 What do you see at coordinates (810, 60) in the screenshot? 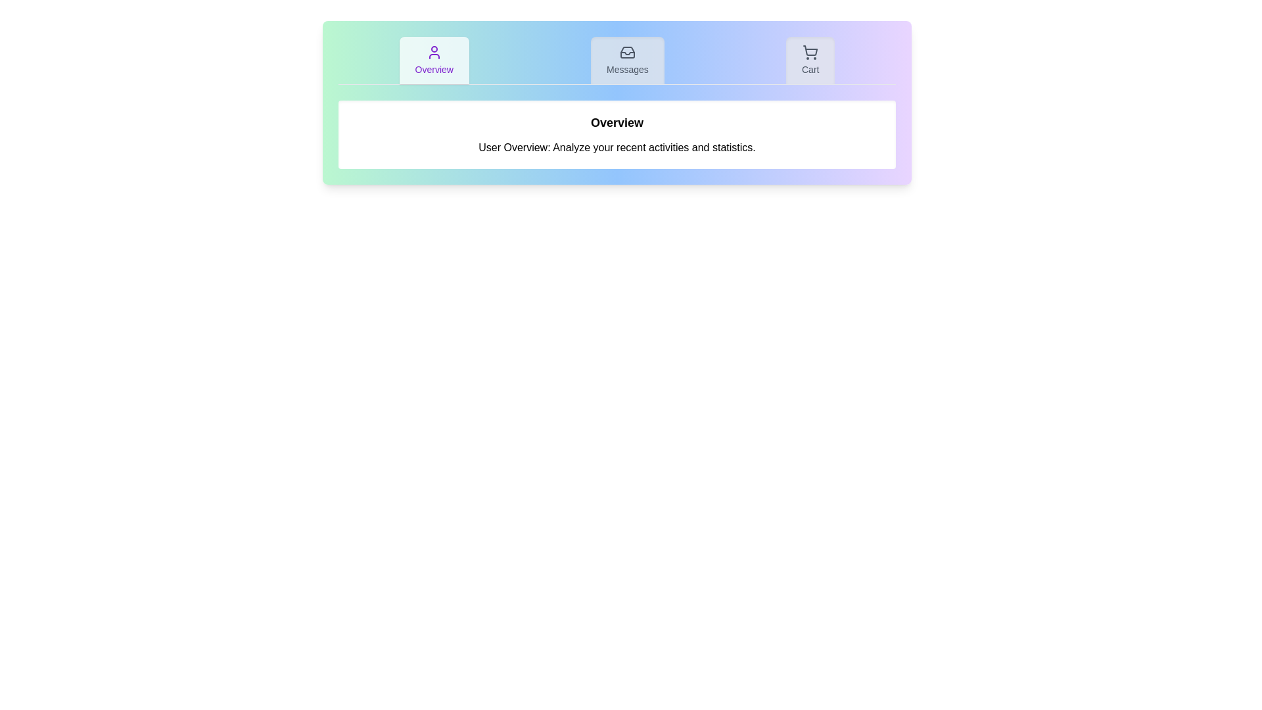
I see `the Cart tab by clicking on its button` at bounding box center [810, 60].